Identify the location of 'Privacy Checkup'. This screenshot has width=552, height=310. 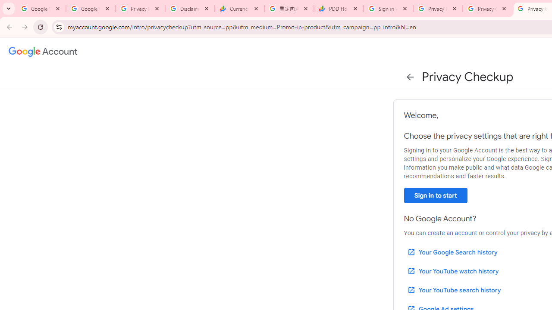
(487, 9).